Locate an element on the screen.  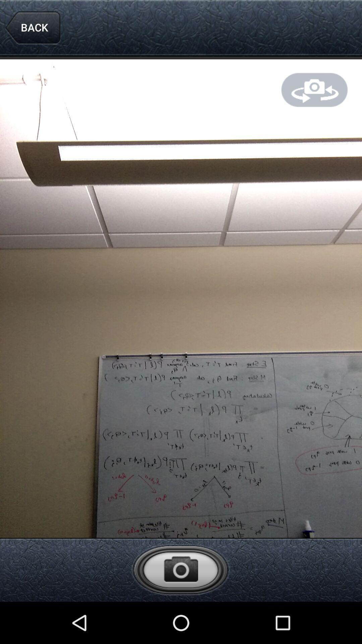
camera option is located at coordinates (180, 569).